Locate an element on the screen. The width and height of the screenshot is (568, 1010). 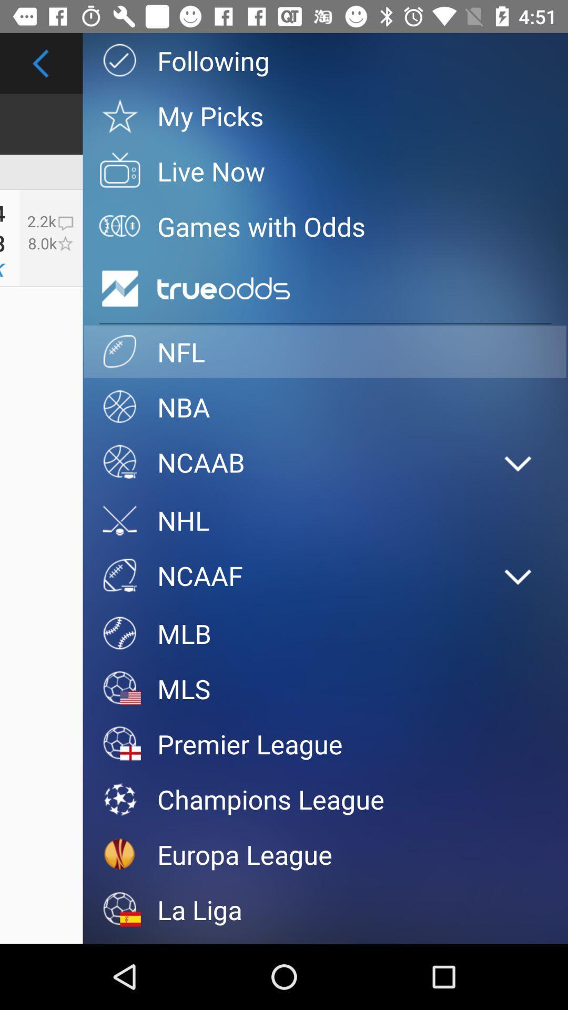
item above mls item is located at coordinates (324, 633).